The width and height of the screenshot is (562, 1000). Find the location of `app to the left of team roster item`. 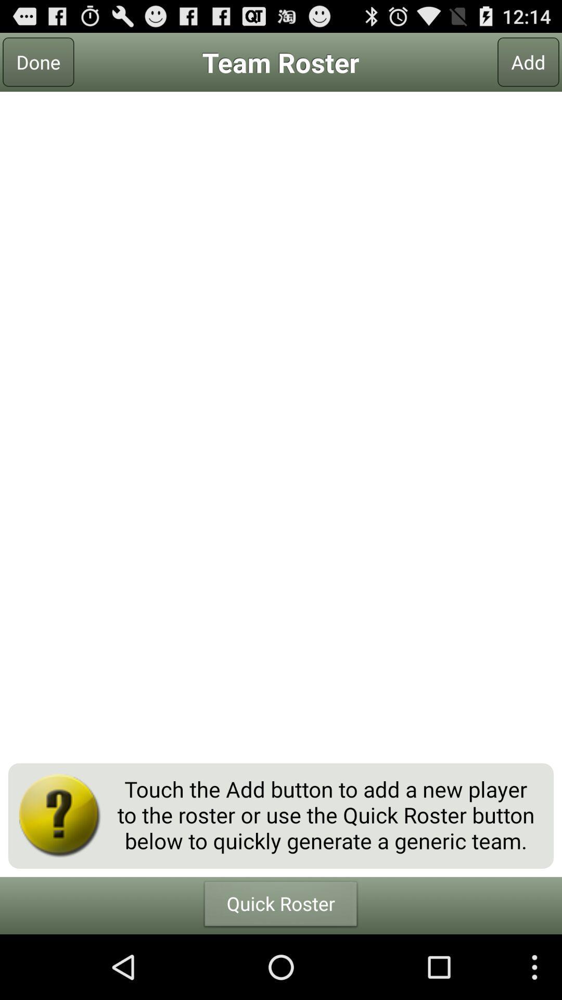

app to the left of team roster item is located at coordinates (37, 61).